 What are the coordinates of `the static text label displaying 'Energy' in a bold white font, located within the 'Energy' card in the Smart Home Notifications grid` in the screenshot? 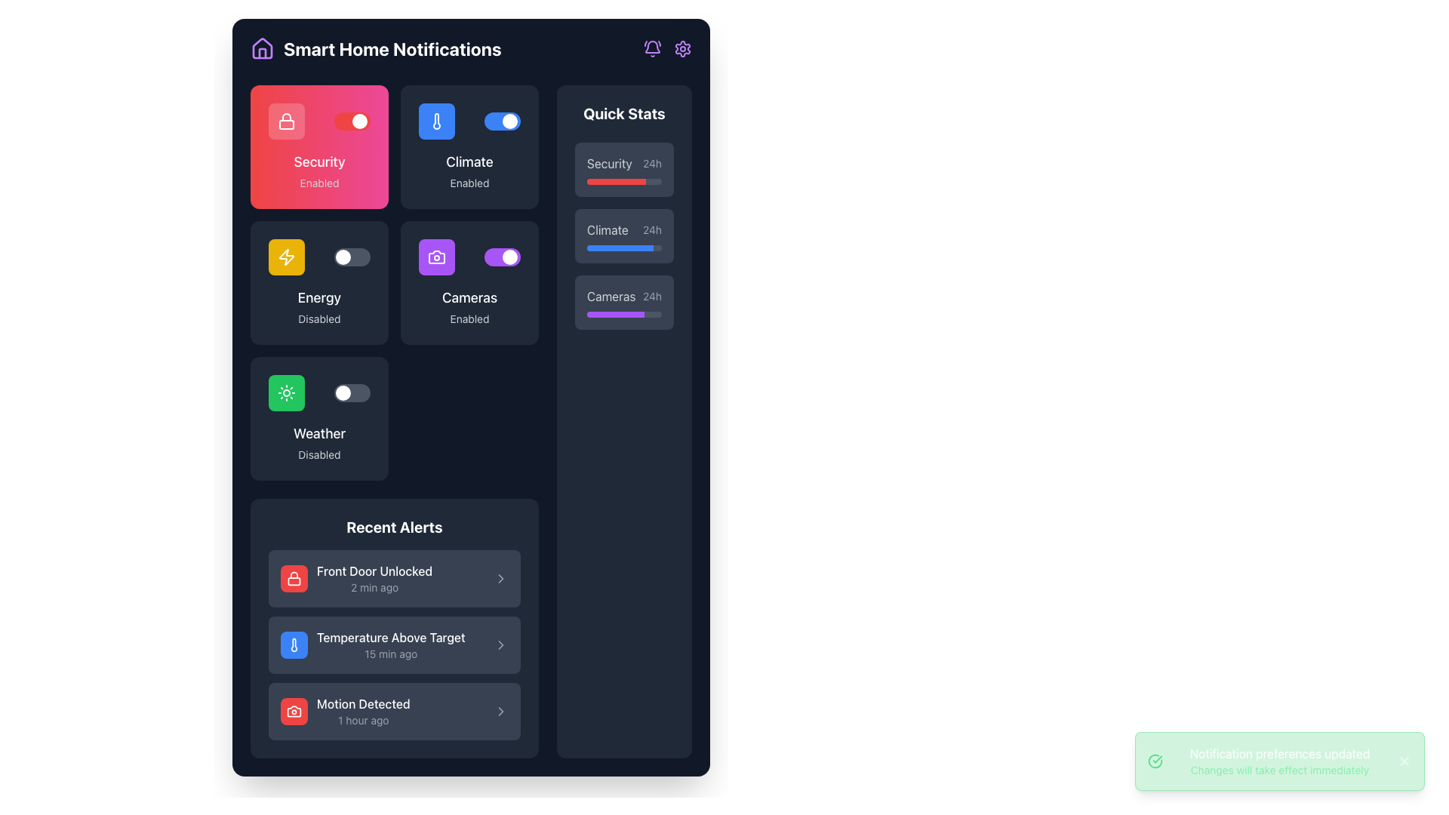 It's located at (318, 297).